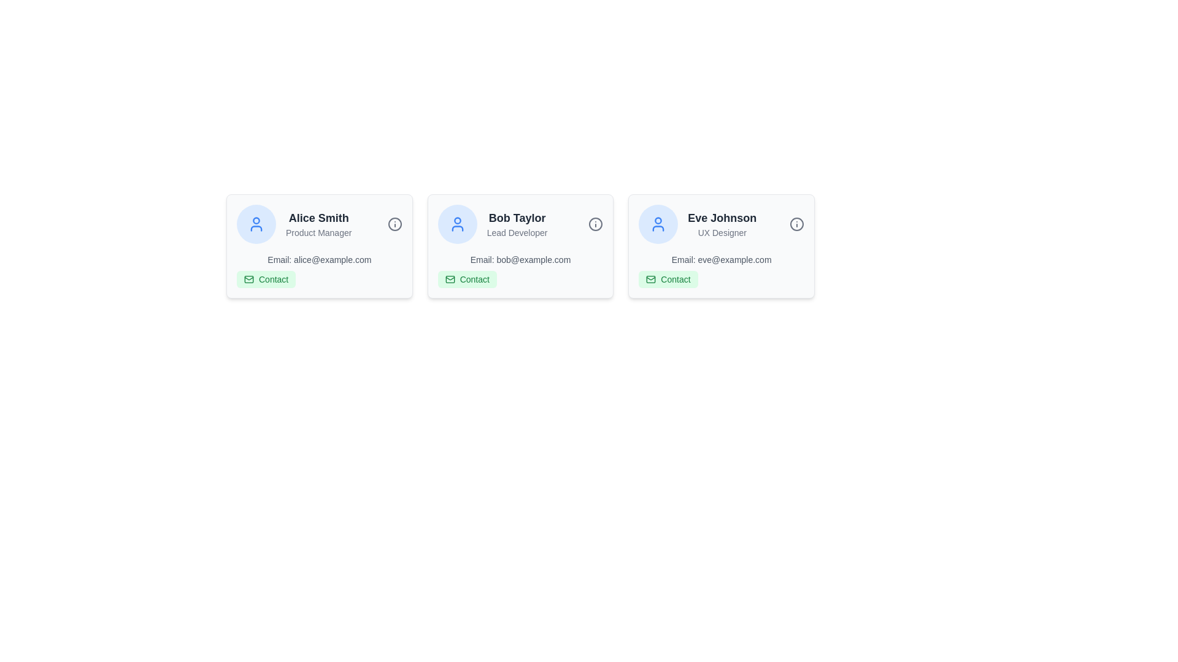 This screenshot has height=662, width=1178. What do you see at coordinates (722, 224) in the screenshot?
I see `the Profile header section that includes the round blue avatar icon, the name 'Eve Johnson', and the title 'UX Designer', located in the third card of three horizontally arranged cards` at bounding box center [722, 224].